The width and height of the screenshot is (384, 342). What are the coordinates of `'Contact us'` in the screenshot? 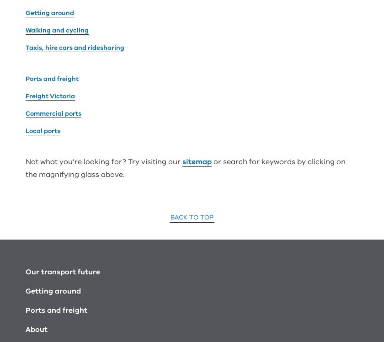 It's located at (45, 264).